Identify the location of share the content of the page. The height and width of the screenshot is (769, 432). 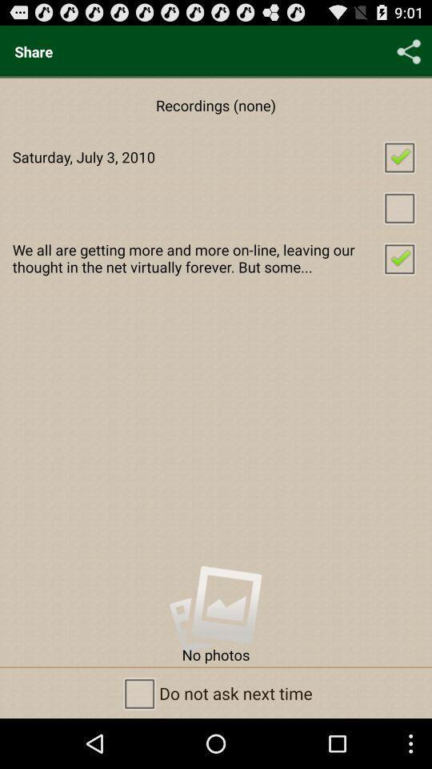
(409, 51).